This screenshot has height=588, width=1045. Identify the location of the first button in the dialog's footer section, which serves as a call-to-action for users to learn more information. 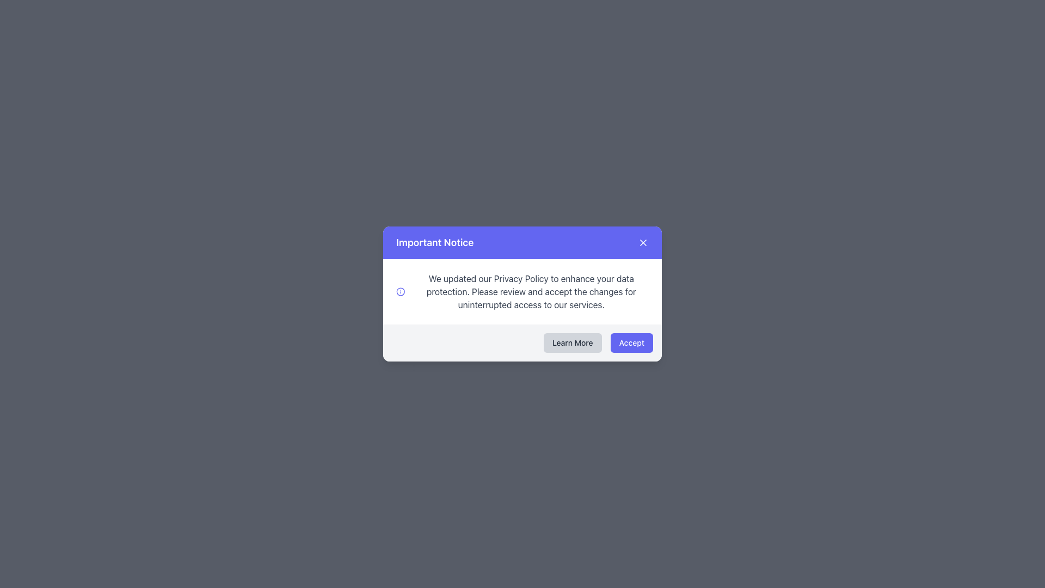
(572, 342).